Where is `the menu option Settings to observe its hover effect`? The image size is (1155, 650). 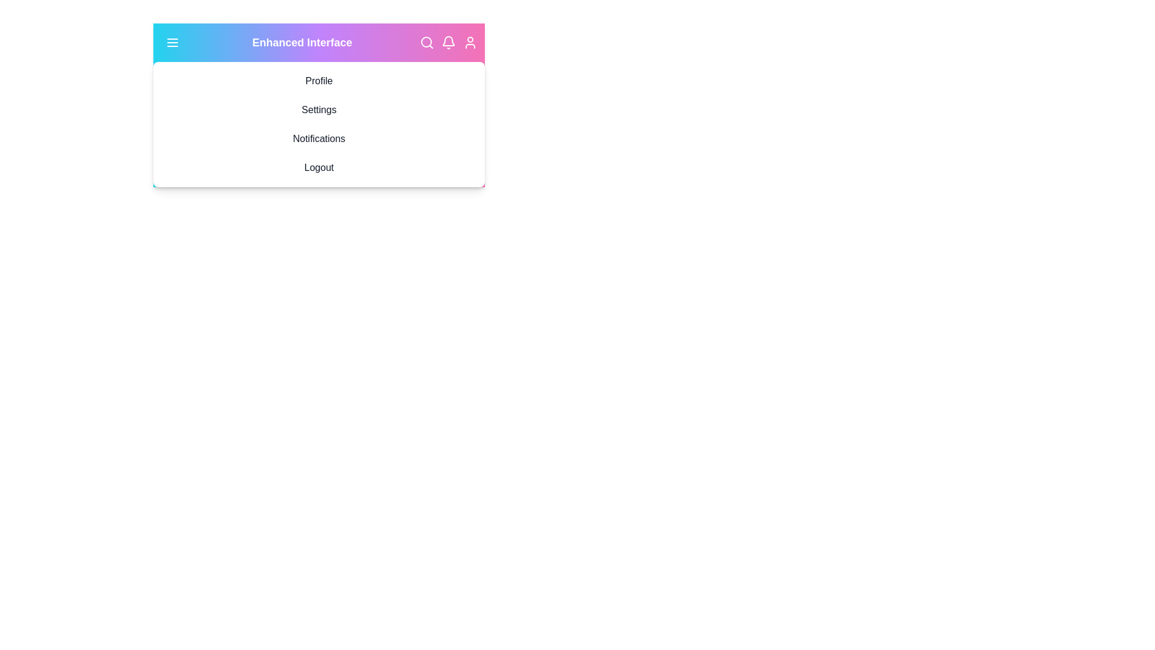
the menu option Settings to observe its hover effect is located at coordinates (319, 110).